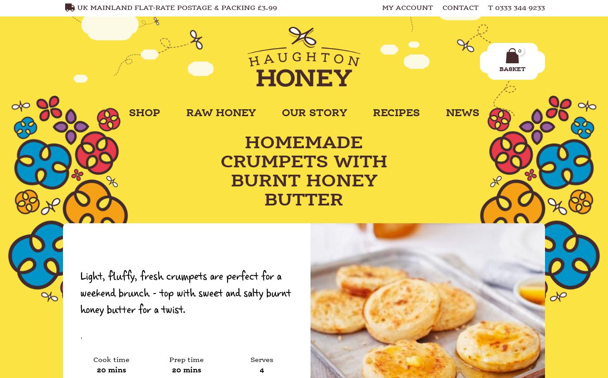 This screenshot has width=608, height=378. I want to click on 'HOMEMADE CRUMPETS WITH BURNT HONEY BUTTER', so click(304, 171).